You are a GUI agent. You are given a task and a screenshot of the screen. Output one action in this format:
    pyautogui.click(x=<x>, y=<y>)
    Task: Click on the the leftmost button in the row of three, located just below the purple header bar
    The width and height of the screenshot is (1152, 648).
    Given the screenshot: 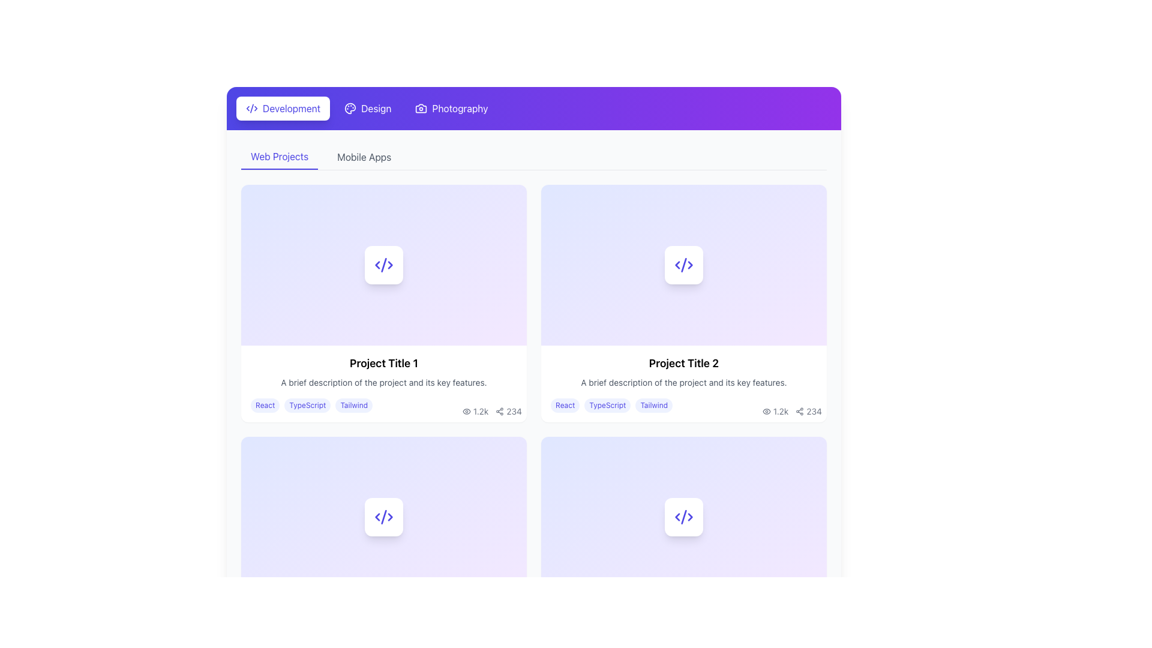 What is the action you would take?
    pyautogui.click(x=283, y=109)
    